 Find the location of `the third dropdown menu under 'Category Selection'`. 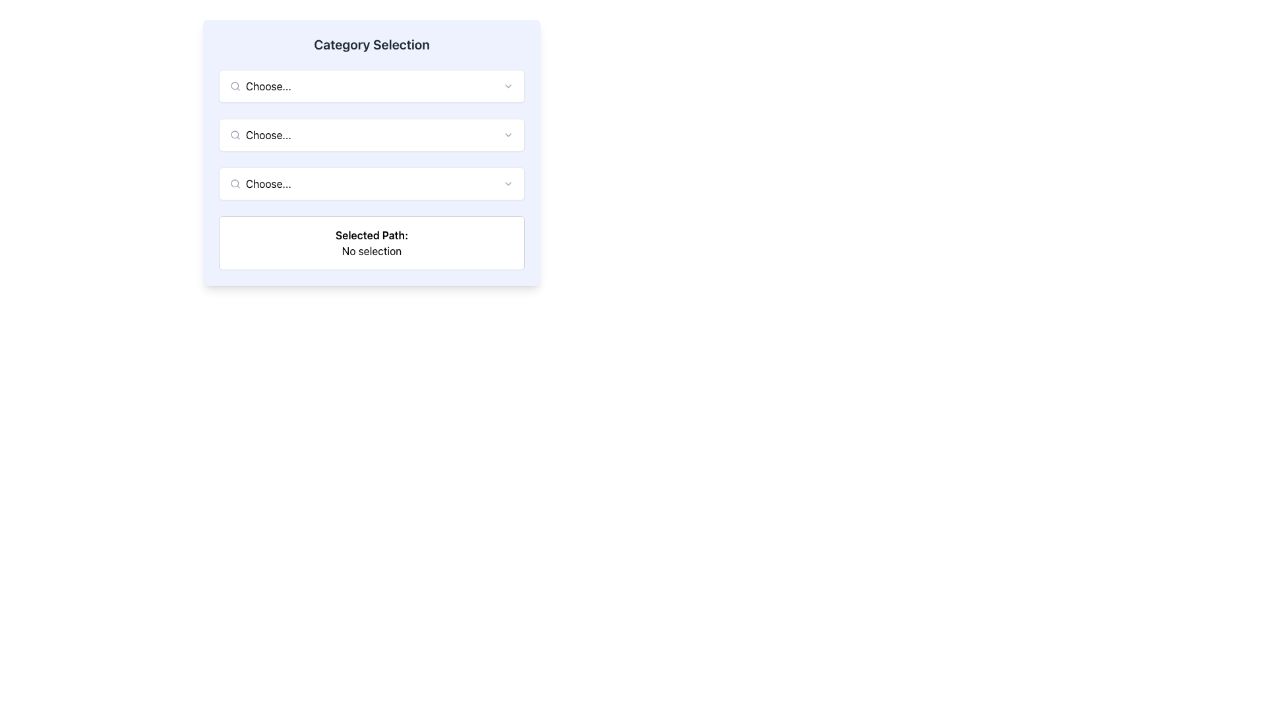

the third dropdown menu under 'Category Selection' is located at coordinates (373, 183).